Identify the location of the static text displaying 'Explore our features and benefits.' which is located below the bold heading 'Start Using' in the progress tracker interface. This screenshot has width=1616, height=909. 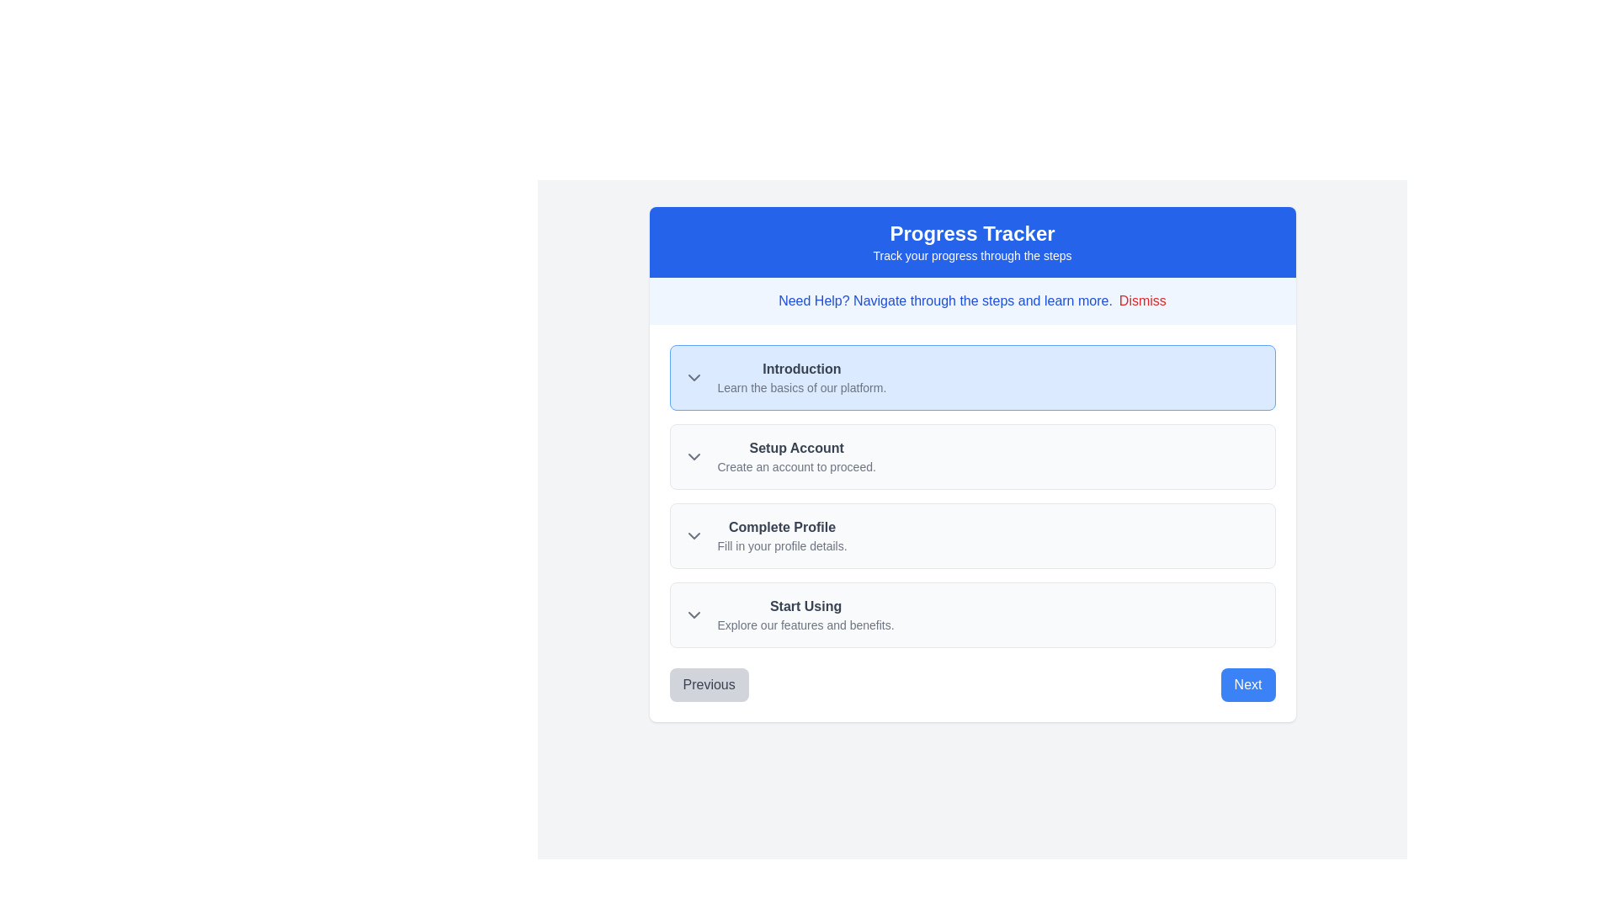
(805, 625).